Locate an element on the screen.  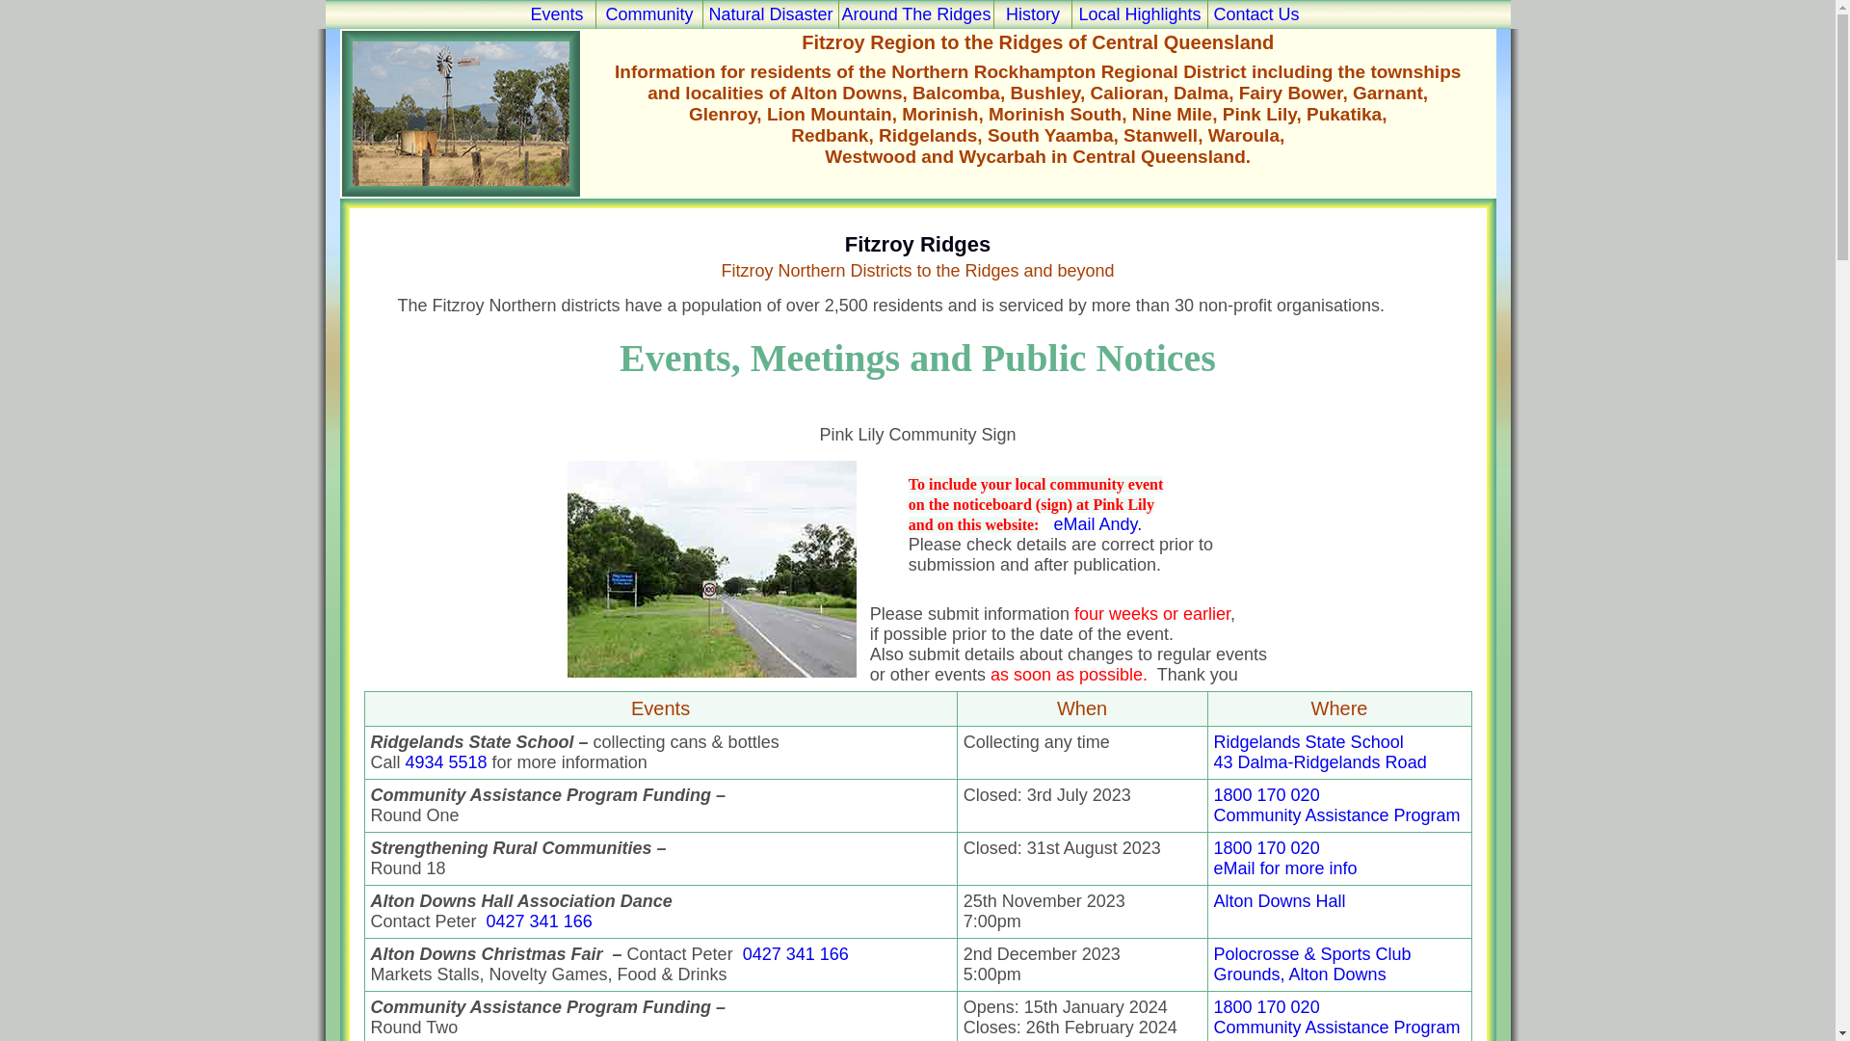
'Community' is located at coordinates (648, 14).